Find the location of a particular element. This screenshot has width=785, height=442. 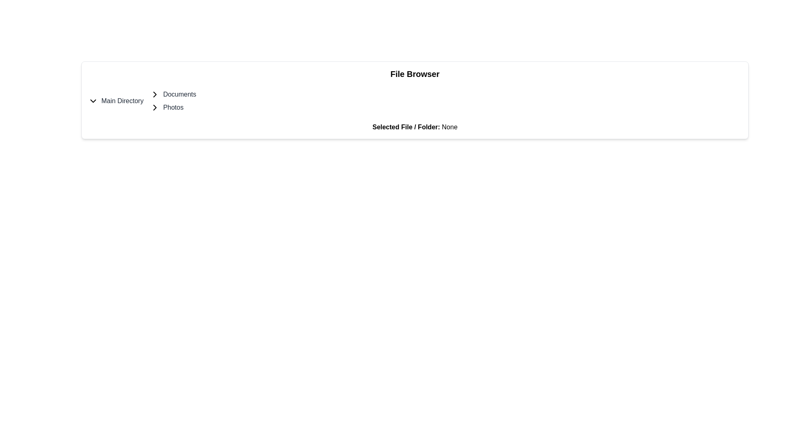

the rightward-facing arrow icon next to the text 'Photos' is located at coordinates (155, 107).